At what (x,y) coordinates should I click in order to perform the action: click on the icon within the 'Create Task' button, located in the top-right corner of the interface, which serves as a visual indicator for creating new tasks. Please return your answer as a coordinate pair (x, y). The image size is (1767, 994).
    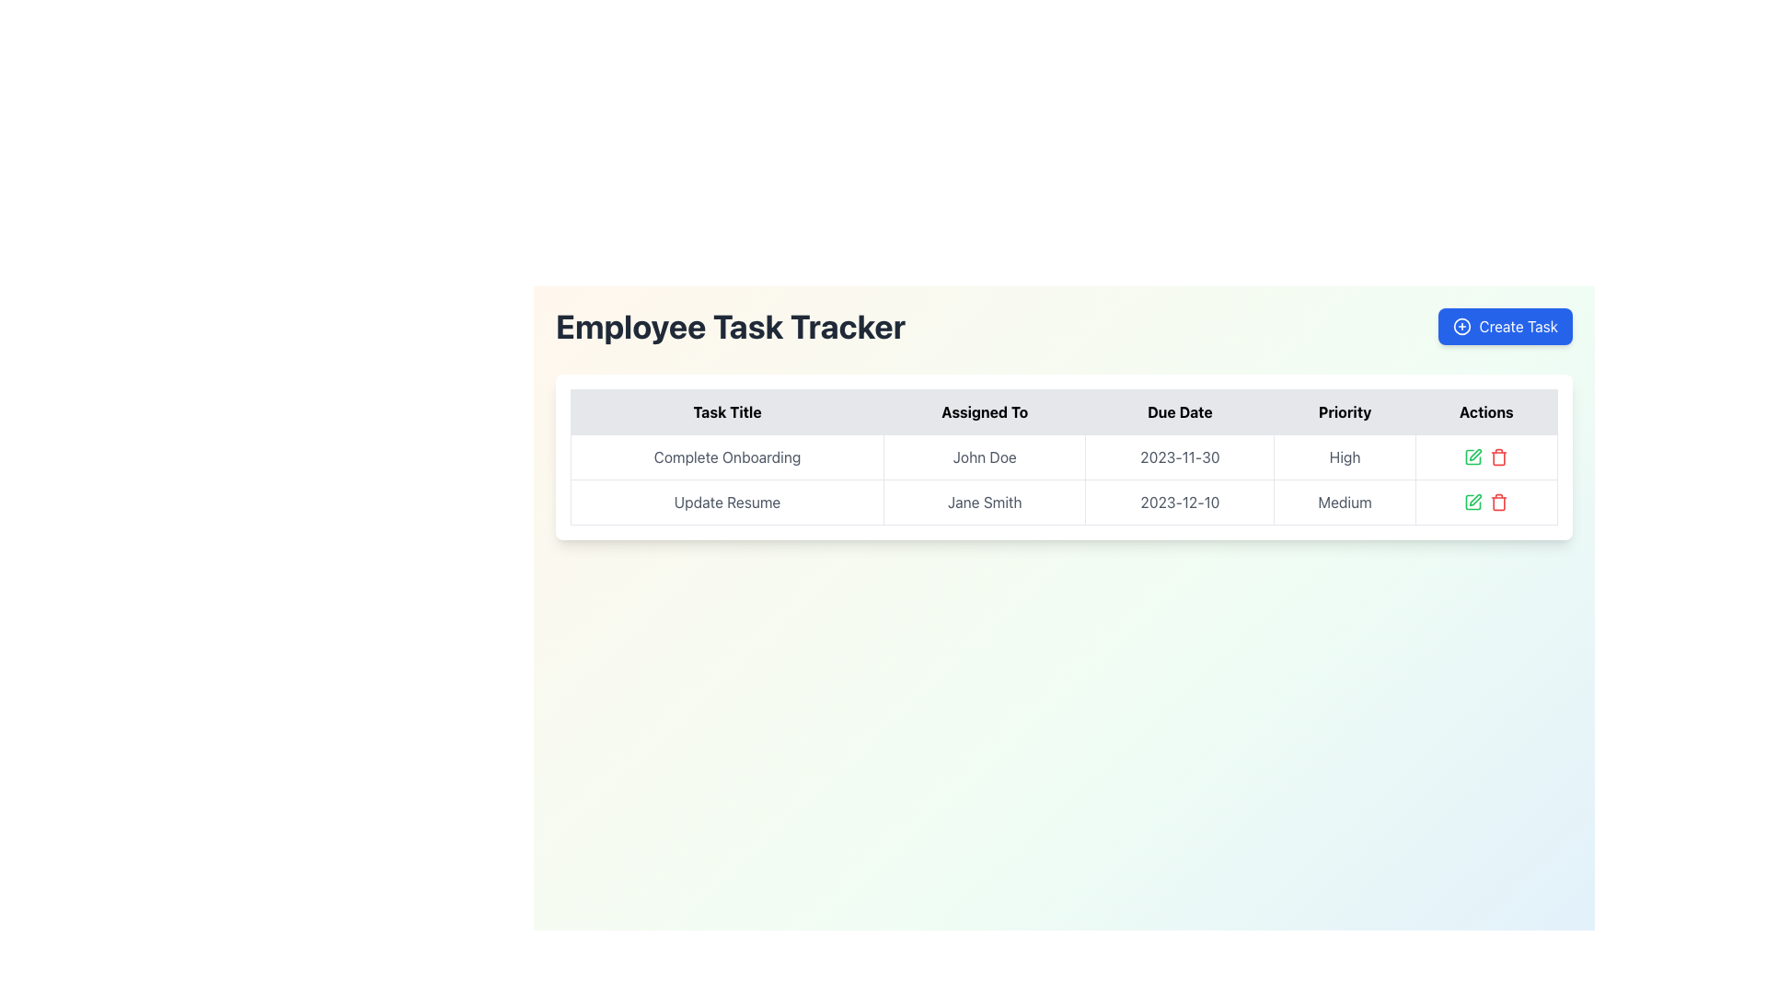
    Looking at the image, I should click on (1461, 325).